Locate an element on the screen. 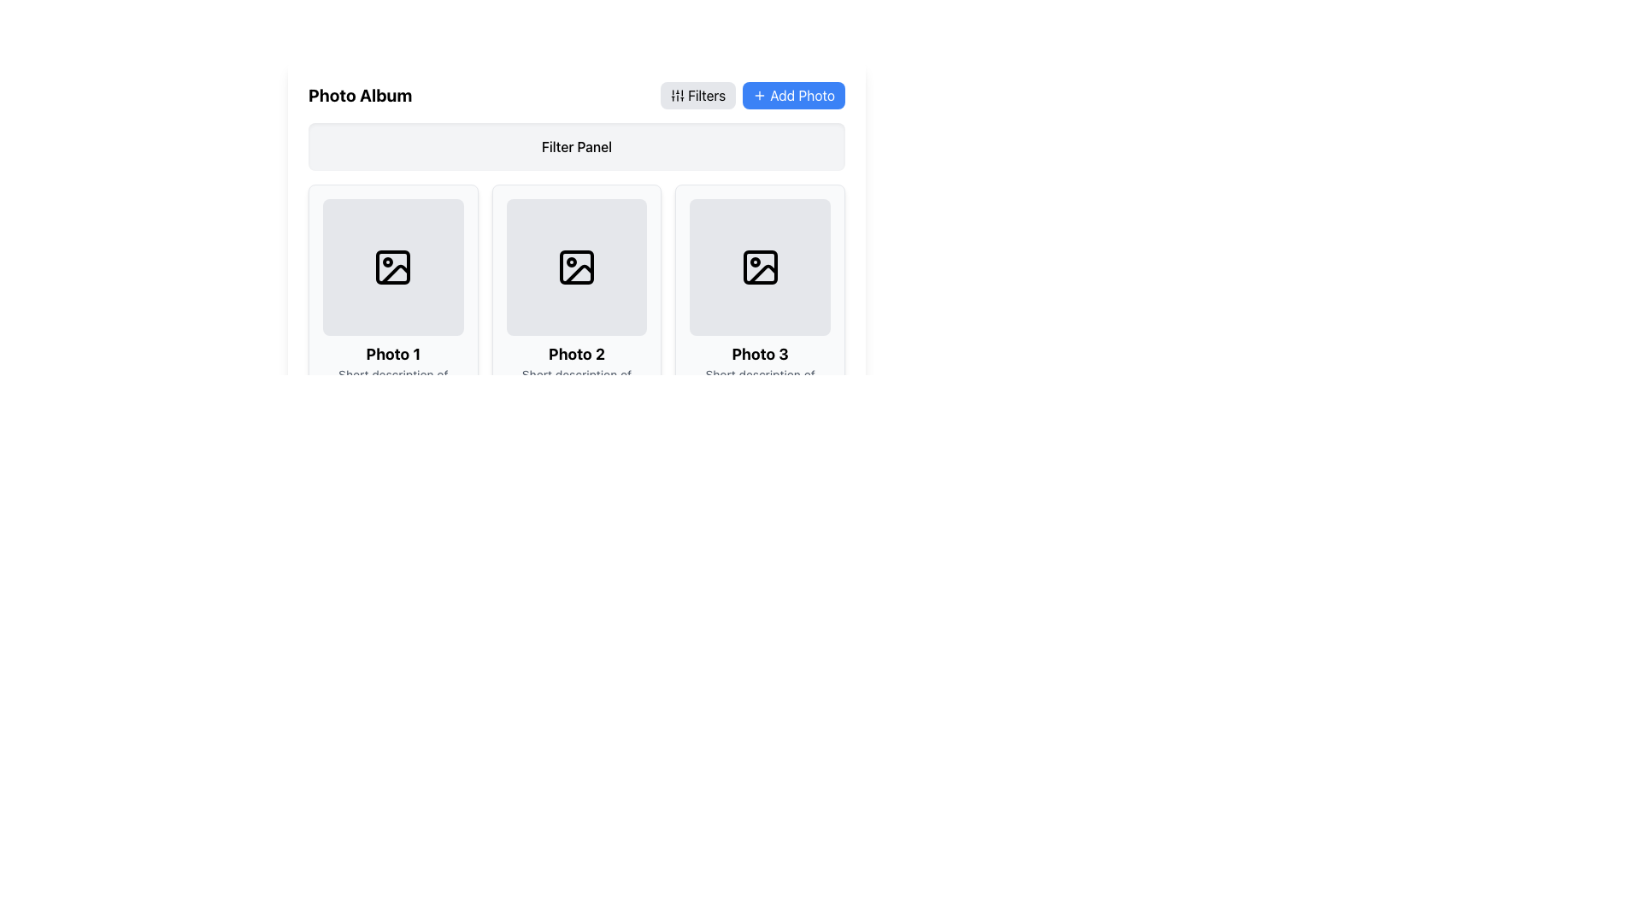  the image placeholder located at the top of the card labeled 'Photo 3', which is centered in the third column of a grid layout is located at coordinates (759, 267).